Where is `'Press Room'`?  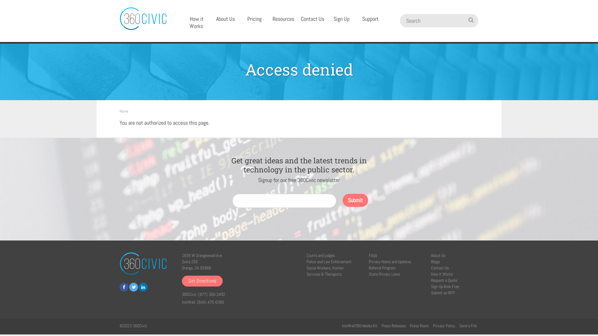
'Press Room' is located at coordinates (410, 325).